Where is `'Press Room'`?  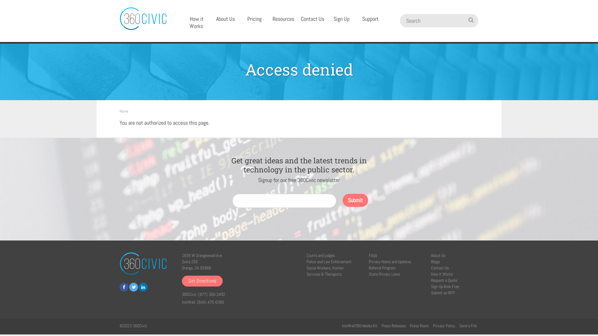
'Press Room' is located at coordinates (410, 325).